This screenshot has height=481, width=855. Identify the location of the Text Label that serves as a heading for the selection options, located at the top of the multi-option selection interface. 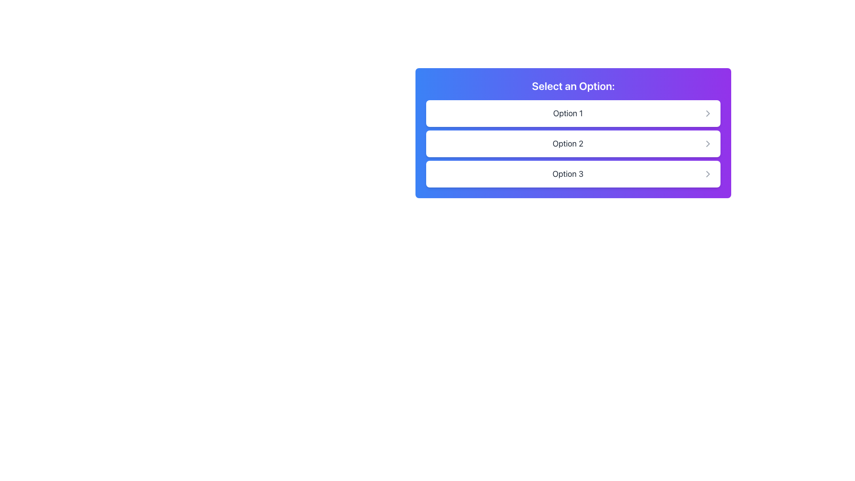
(573, 86).